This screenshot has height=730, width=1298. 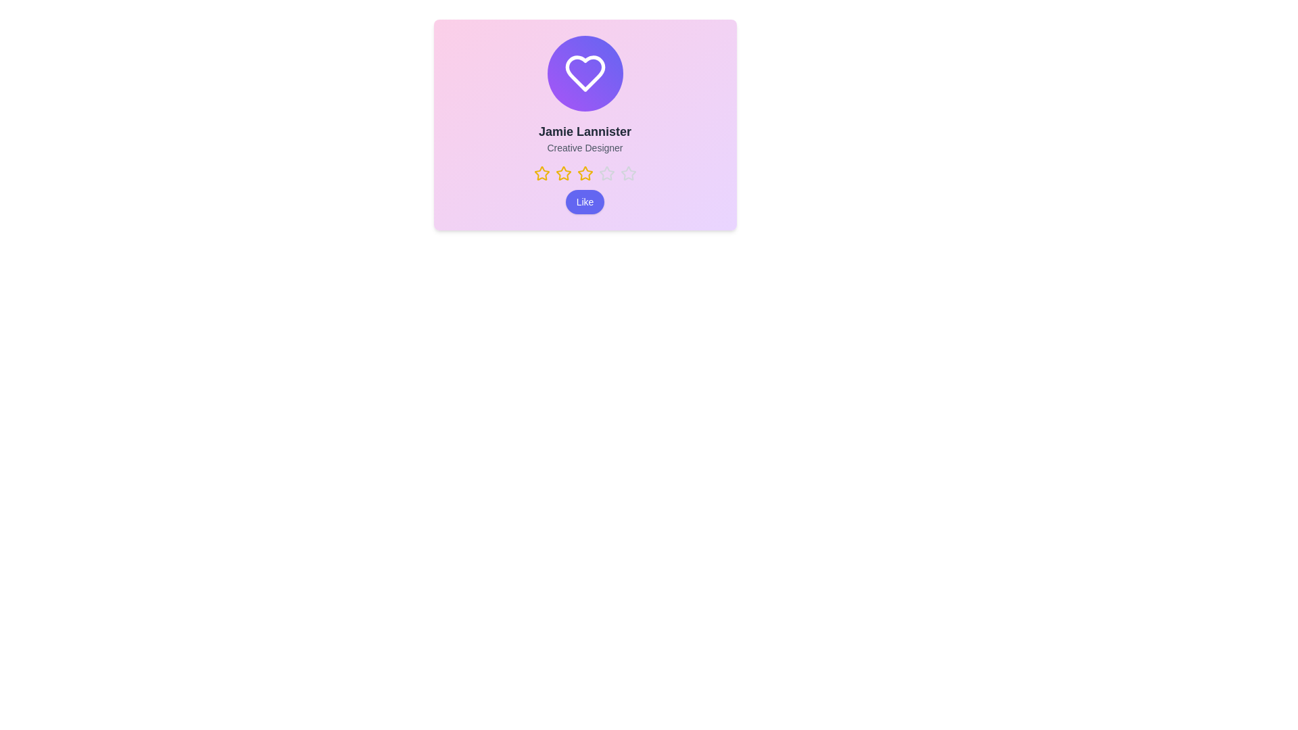 What do you see at coordinates (585, 172) in the screenshot?
I see `the third orange-yellow star in the horizontal row of five stars located below the text 'Creative Designer'` at bounding box center [585, 172].